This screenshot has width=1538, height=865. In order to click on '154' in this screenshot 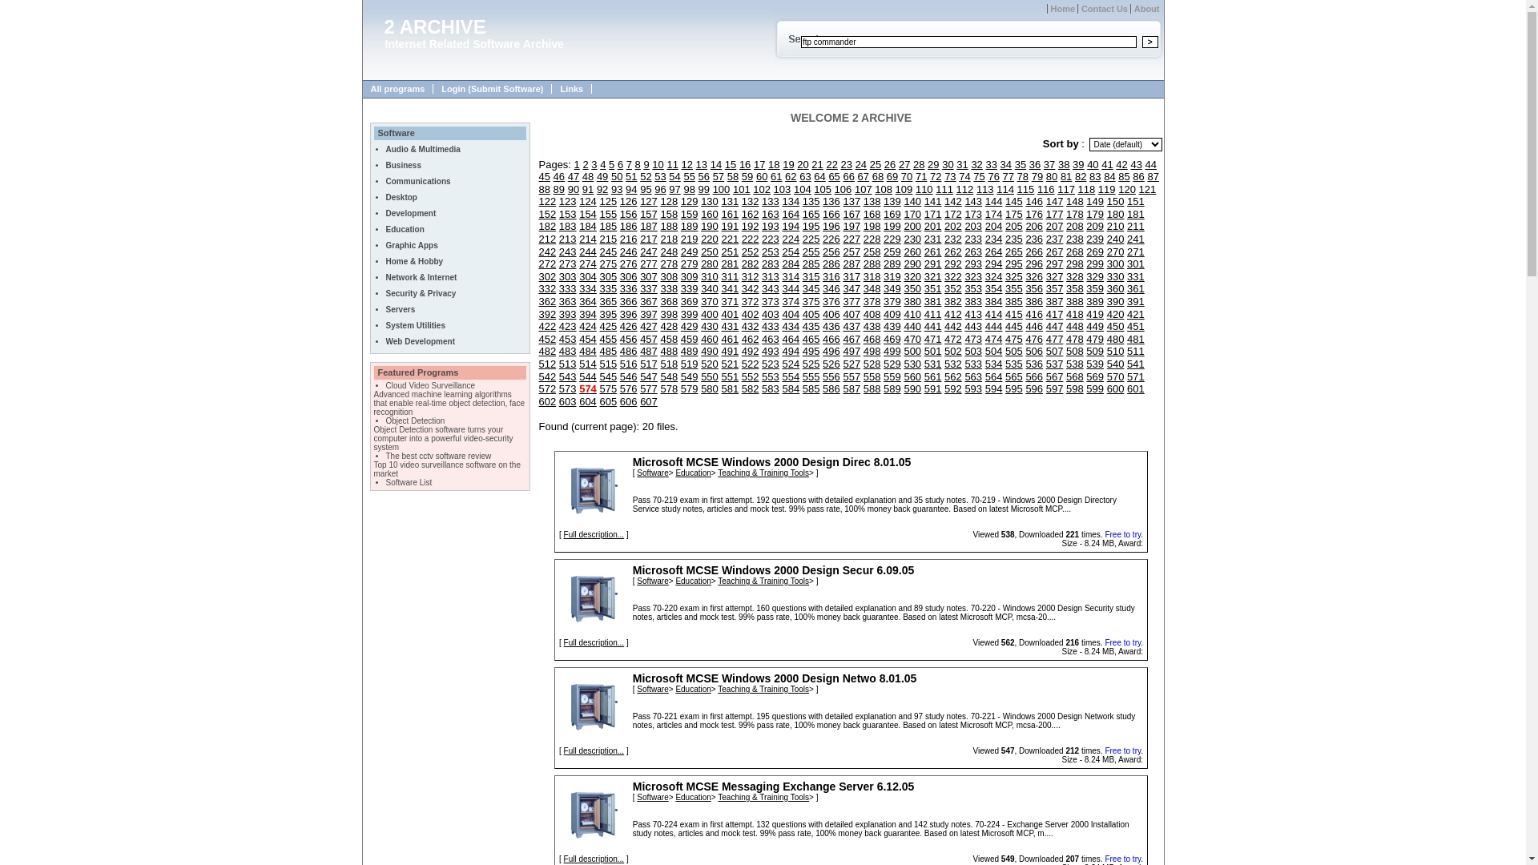, I will do `click(587, 213)`.